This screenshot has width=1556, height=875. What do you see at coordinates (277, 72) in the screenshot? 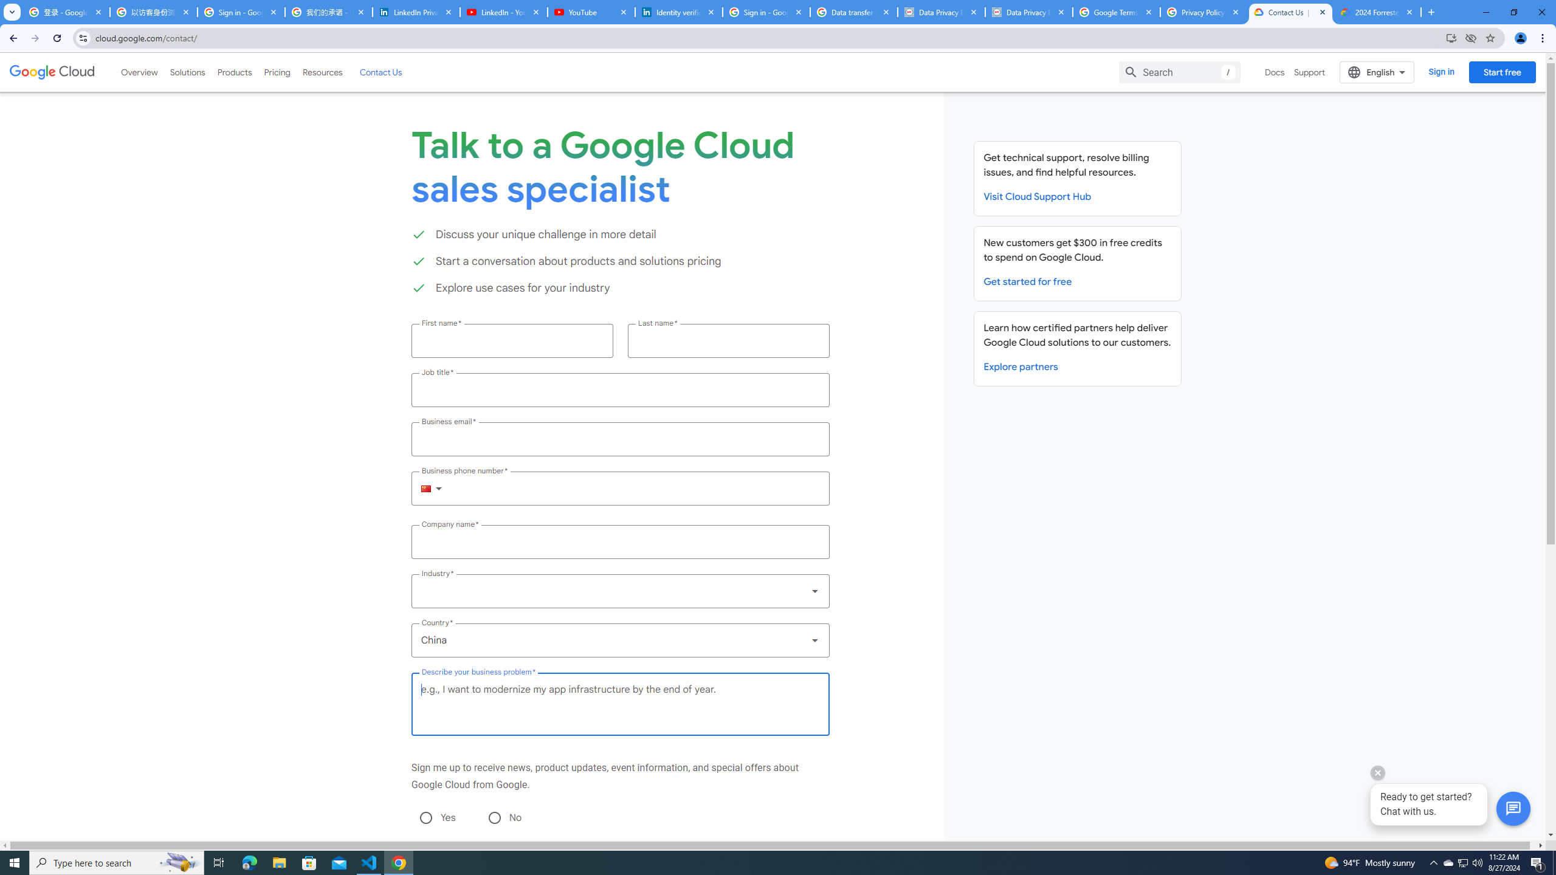
I see `'Pricing'` at bounding box center [277, 72].